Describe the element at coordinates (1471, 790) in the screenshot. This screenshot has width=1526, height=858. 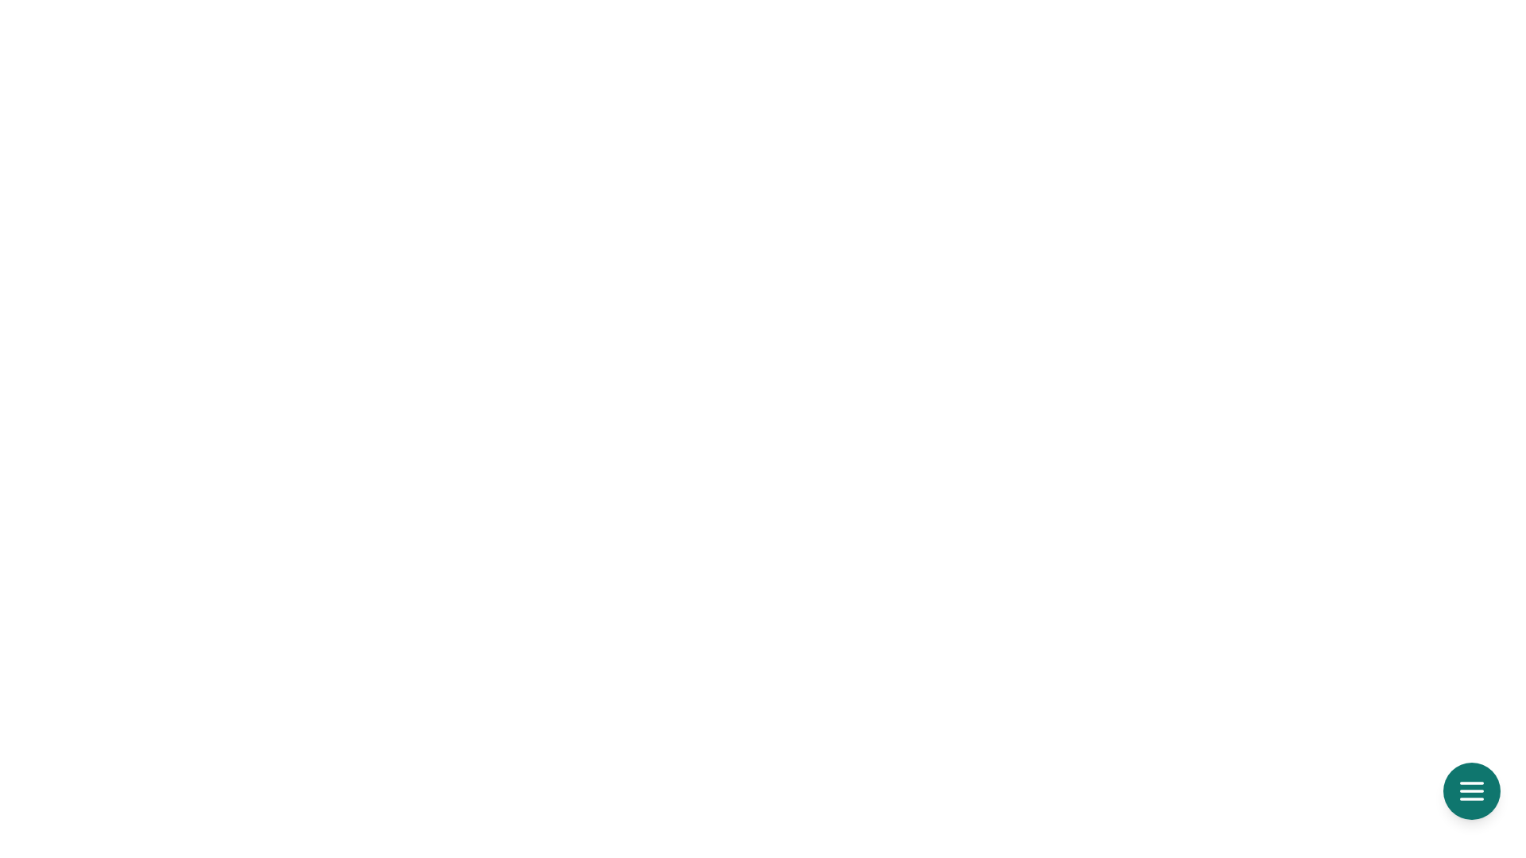
I see `the menu button to toggle the visibility of the speed dial menu` at that location.